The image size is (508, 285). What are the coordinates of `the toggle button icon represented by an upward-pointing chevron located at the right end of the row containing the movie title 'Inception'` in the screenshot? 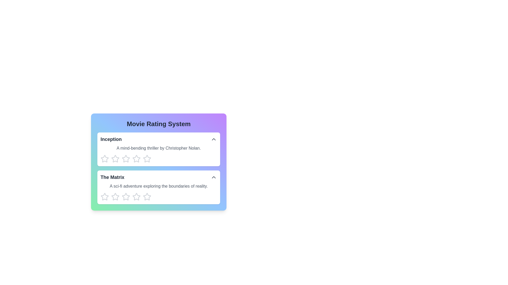 It's located at (214, 139).